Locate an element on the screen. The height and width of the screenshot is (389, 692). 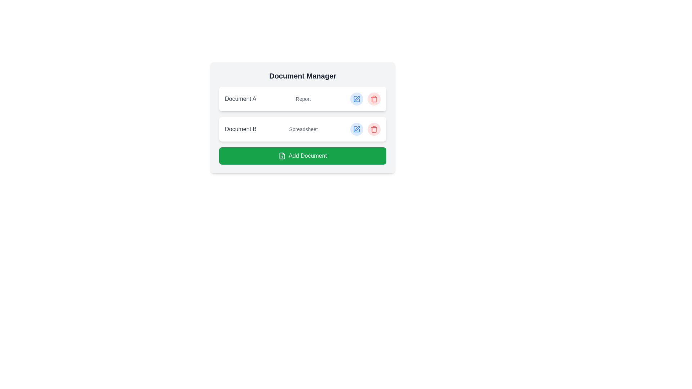
the text label displaying 'Spreadsheet', which is positioned adjacent to 'Document B' and before the action buttons is located at coordinates (303, 129).